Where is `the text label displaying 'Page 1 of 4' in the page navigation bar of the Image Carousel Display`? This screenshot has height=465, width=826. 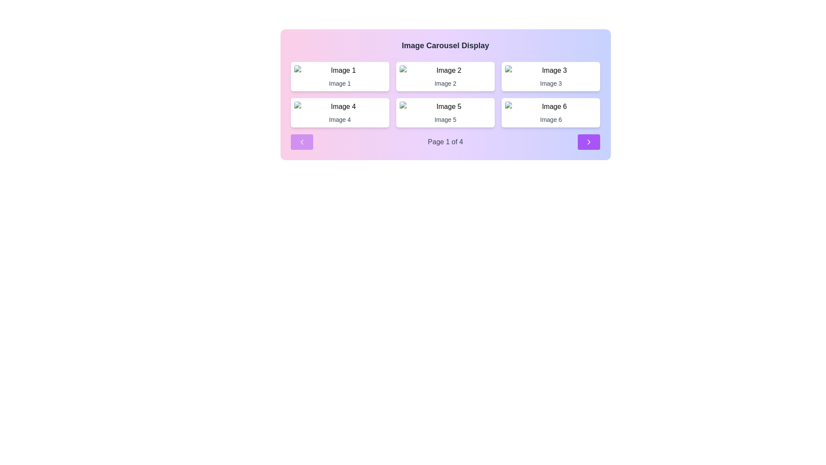 the text label displaying 'Page 1 of 4' in the page navigation bar of the Image Carousel Display is located at coordinates (445, 142).